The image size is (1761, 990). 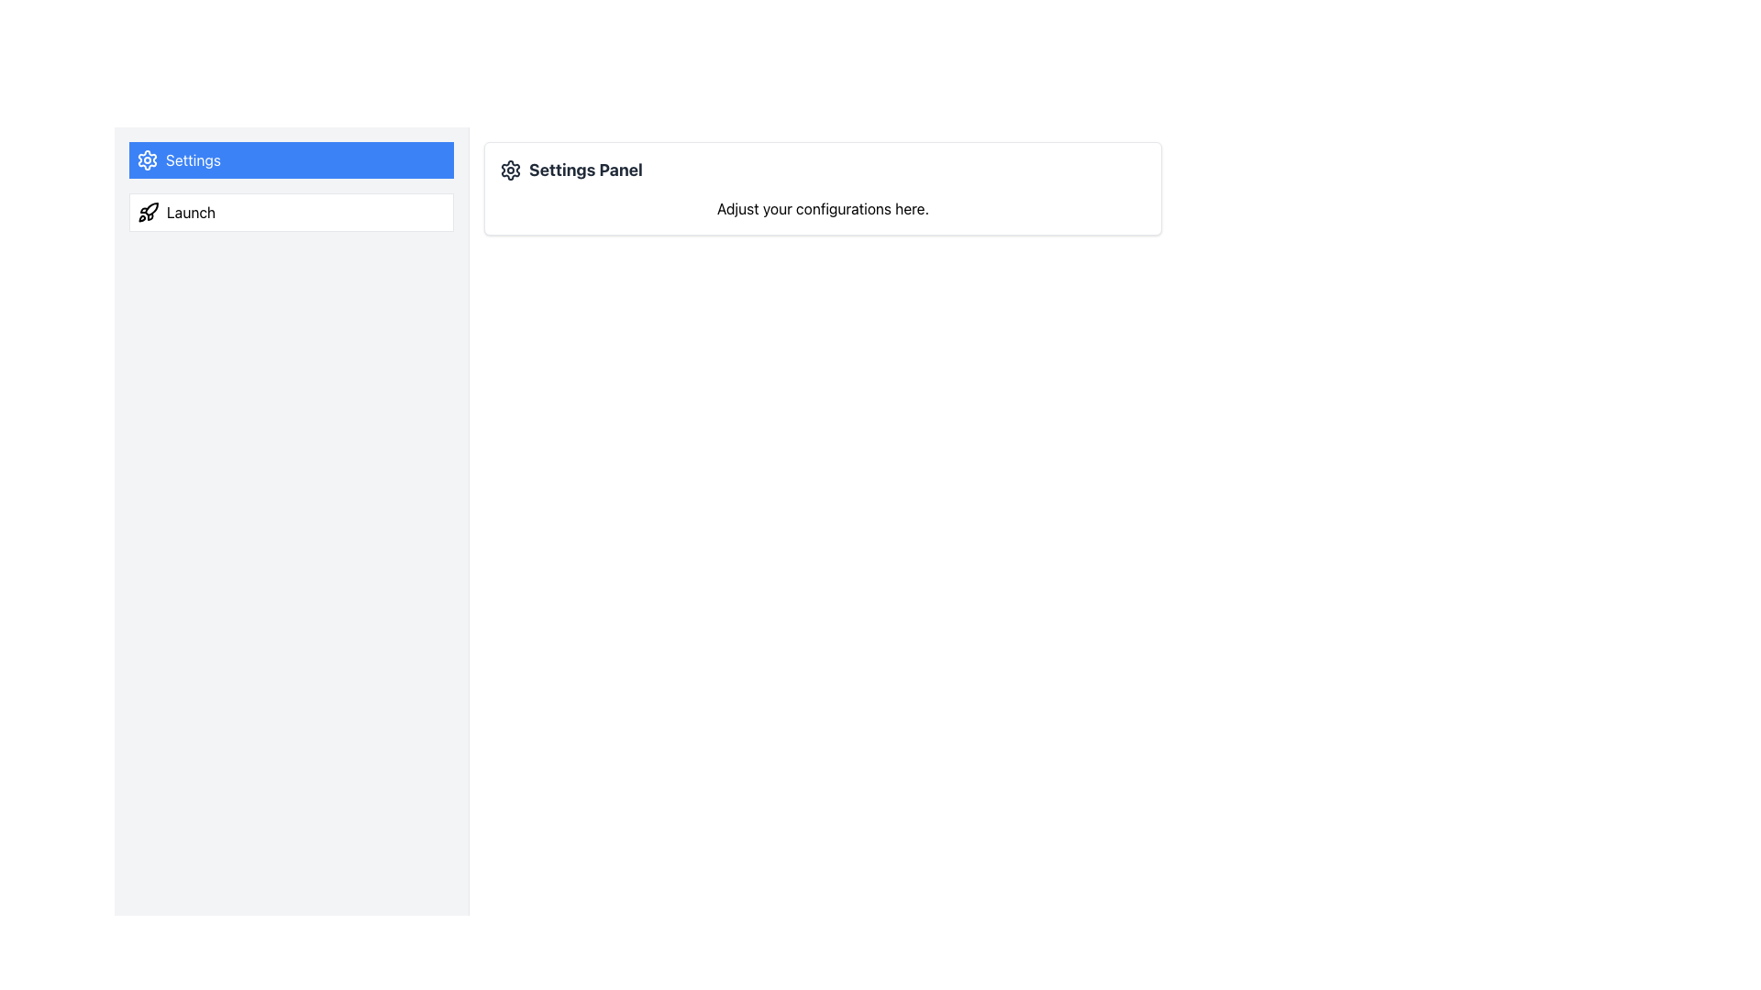 What do you see at coordinates (149, 211) in the screenshot?
I see `the rocket-shaped icon located to the left of the 'Launch' text in the sidebar menu` at bounding box center [149, 211].